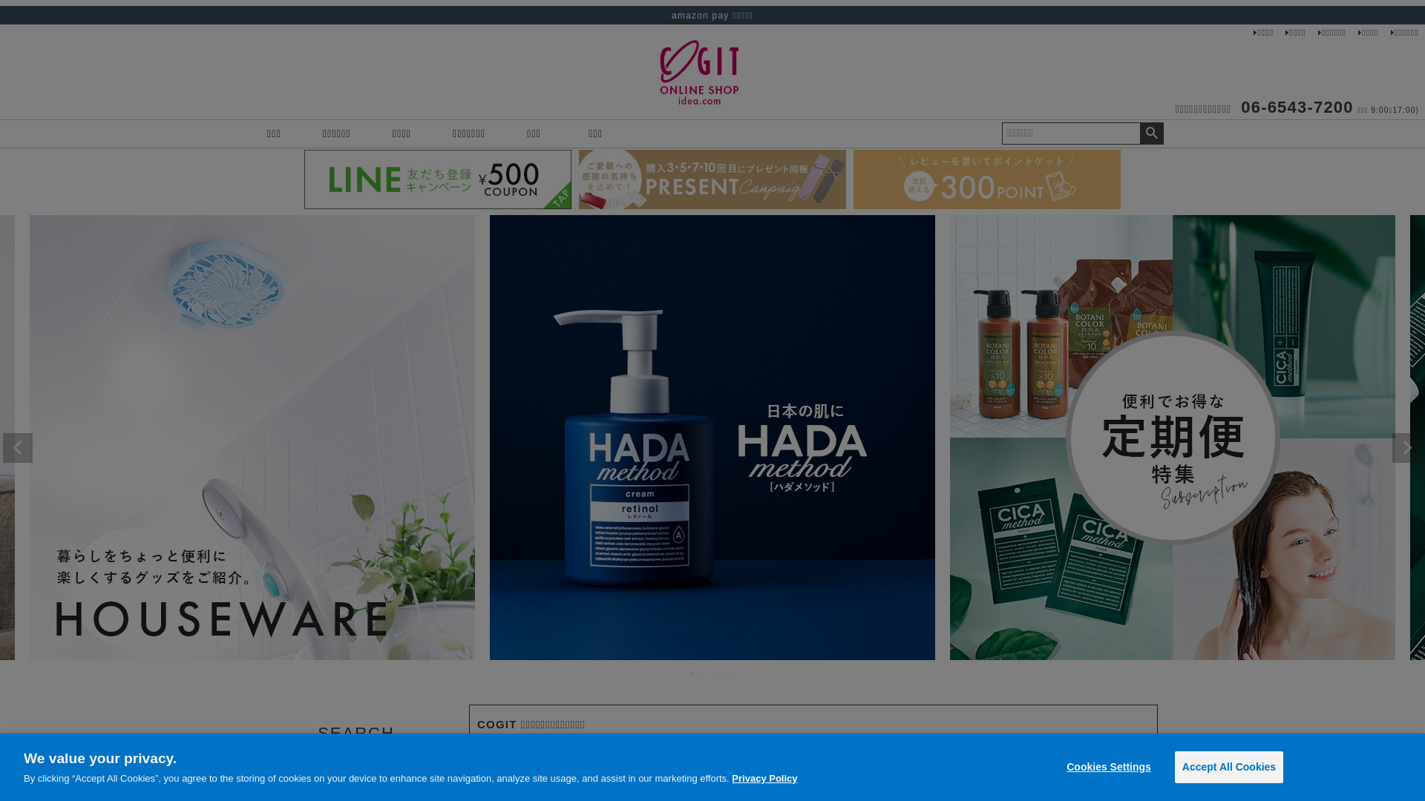 The height and width of the screenshot is (801, 1425). I want to click on '4', so click(723, 673).